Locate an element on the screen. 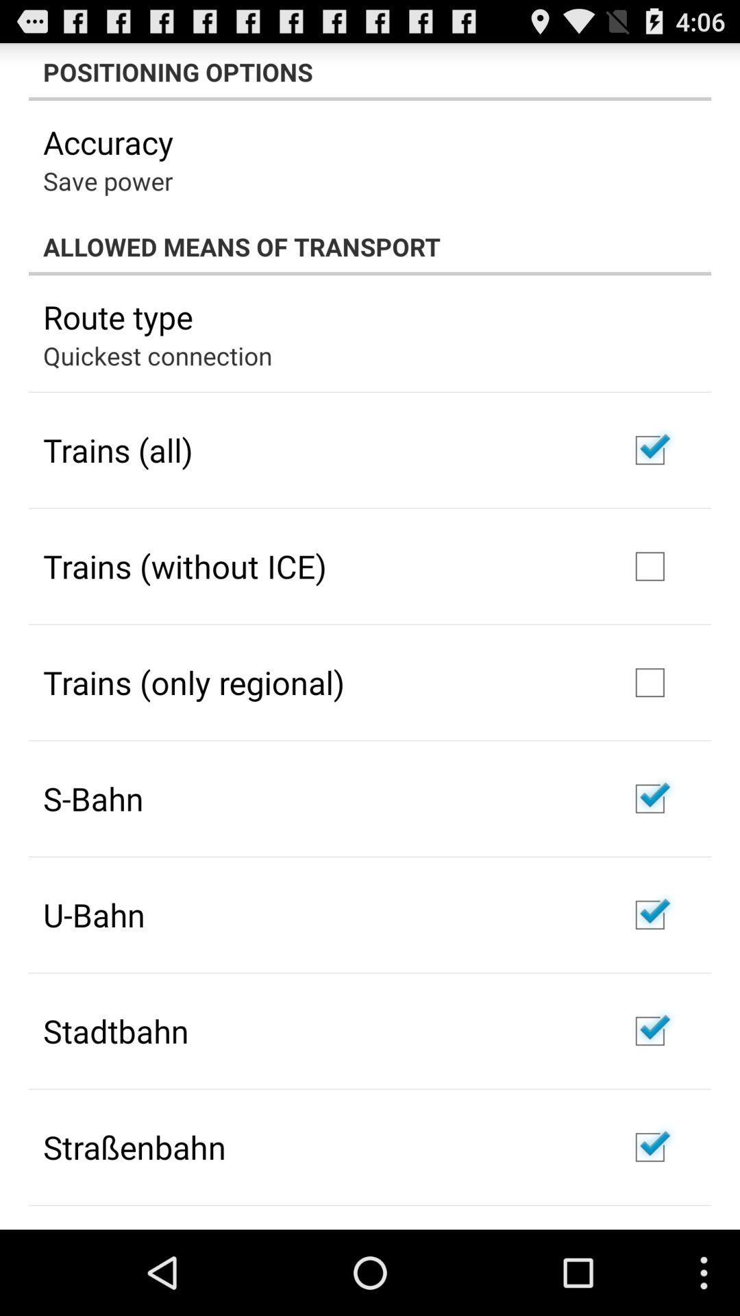  item above route type app is located at coordinates (370, 247).